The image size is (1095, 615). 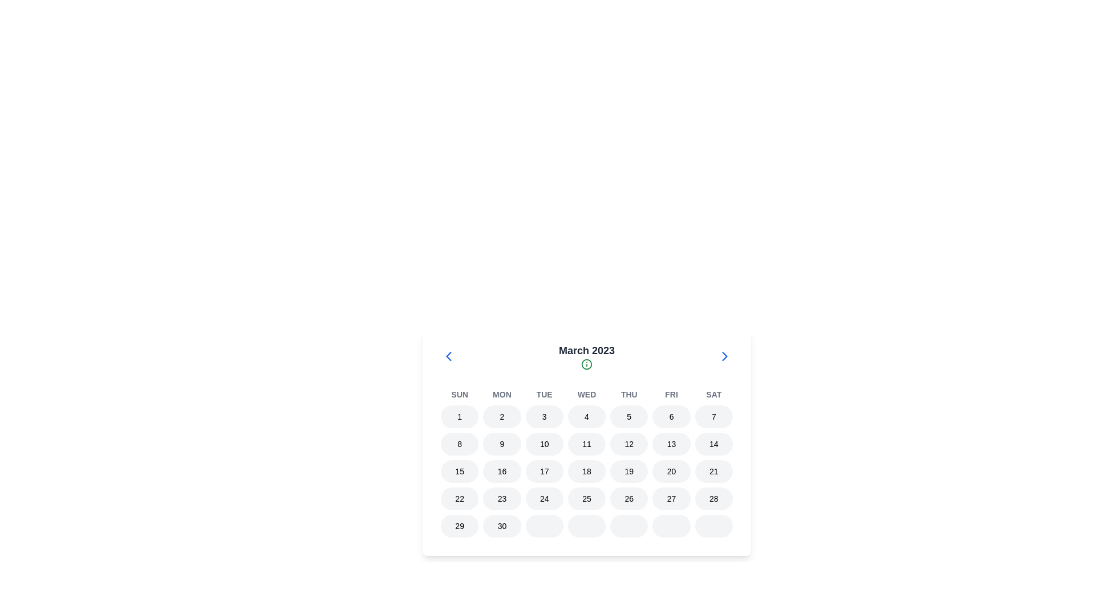 What do you see at coordinates (448, 355) in the screenshot?
I see `the left-facing blue arrow button located on the leftmost side of the header bar` at bounding box center [448, 355].